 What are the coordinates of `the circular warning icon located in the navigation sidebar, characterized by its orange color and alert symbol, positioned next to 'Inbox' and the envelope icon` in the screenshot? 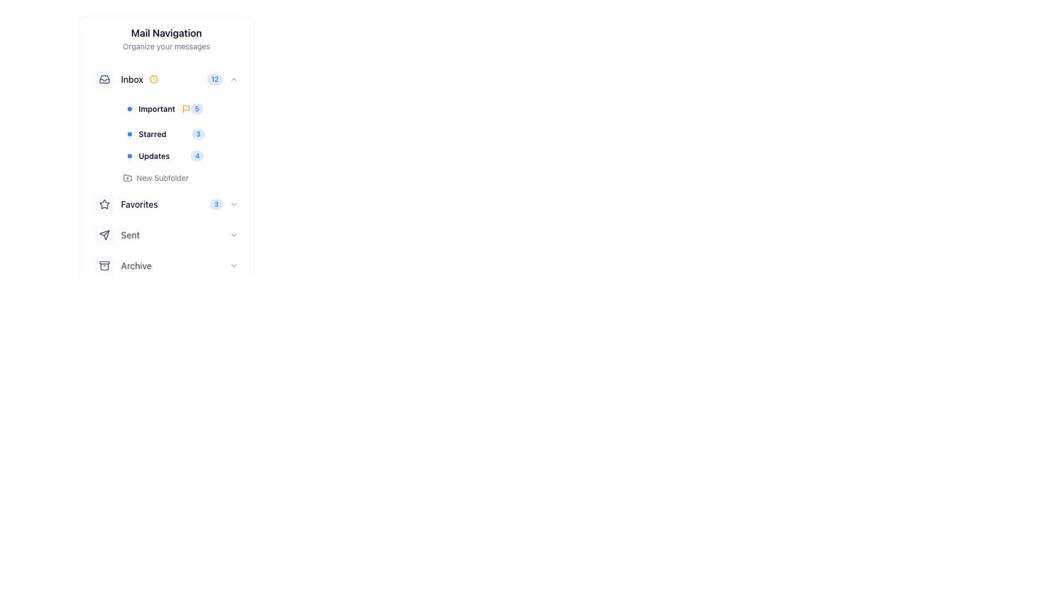 It's located at (153, 79).